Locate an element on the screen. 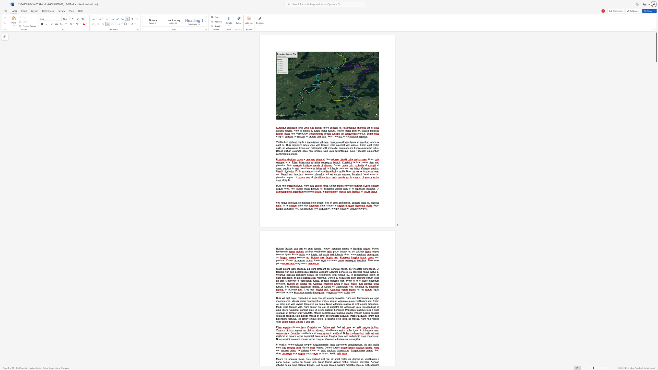 This screenshot has height=370, width=658. the 1th character "V" in the text is located at coordinates (277, 142).